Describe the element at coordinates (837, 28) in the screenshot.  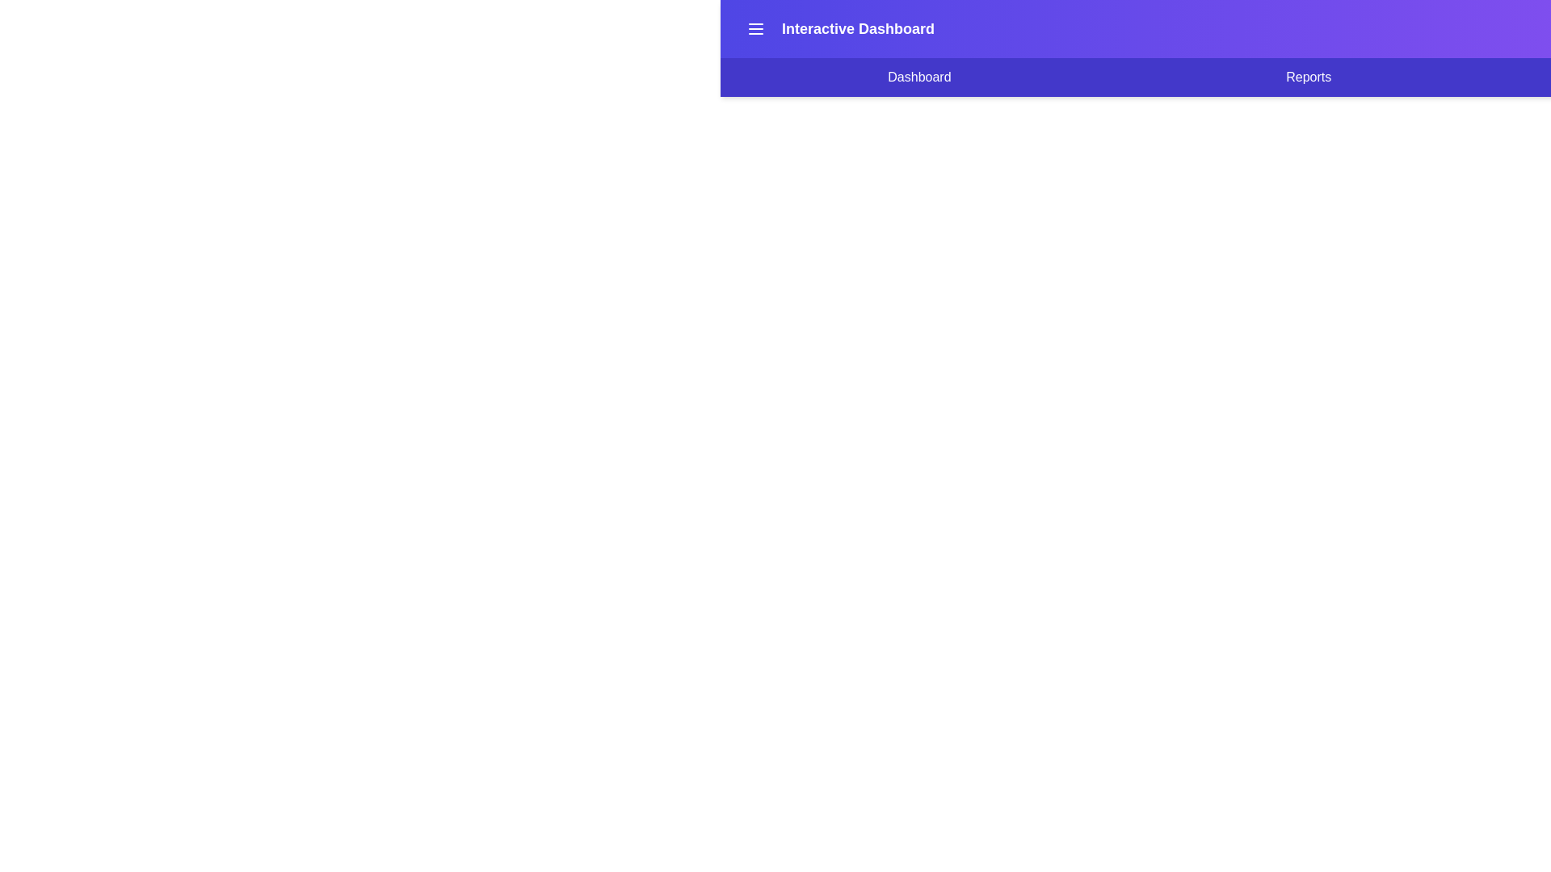
I see `the 'Interactive Dashboard' text label located in the top bar of the interface if it is interactive` at that location.